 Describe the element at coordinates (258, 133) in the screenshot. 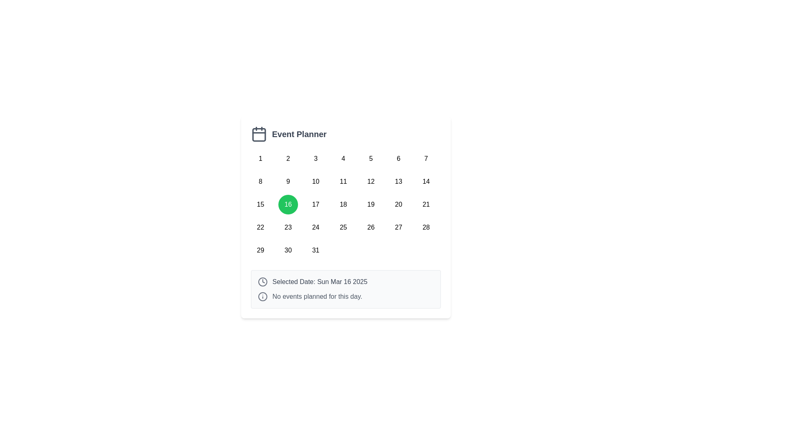

I see `the outlined calendar icon located to the left of the 'Event Planner' text at the top of the widget for contextual understanding` at that location.